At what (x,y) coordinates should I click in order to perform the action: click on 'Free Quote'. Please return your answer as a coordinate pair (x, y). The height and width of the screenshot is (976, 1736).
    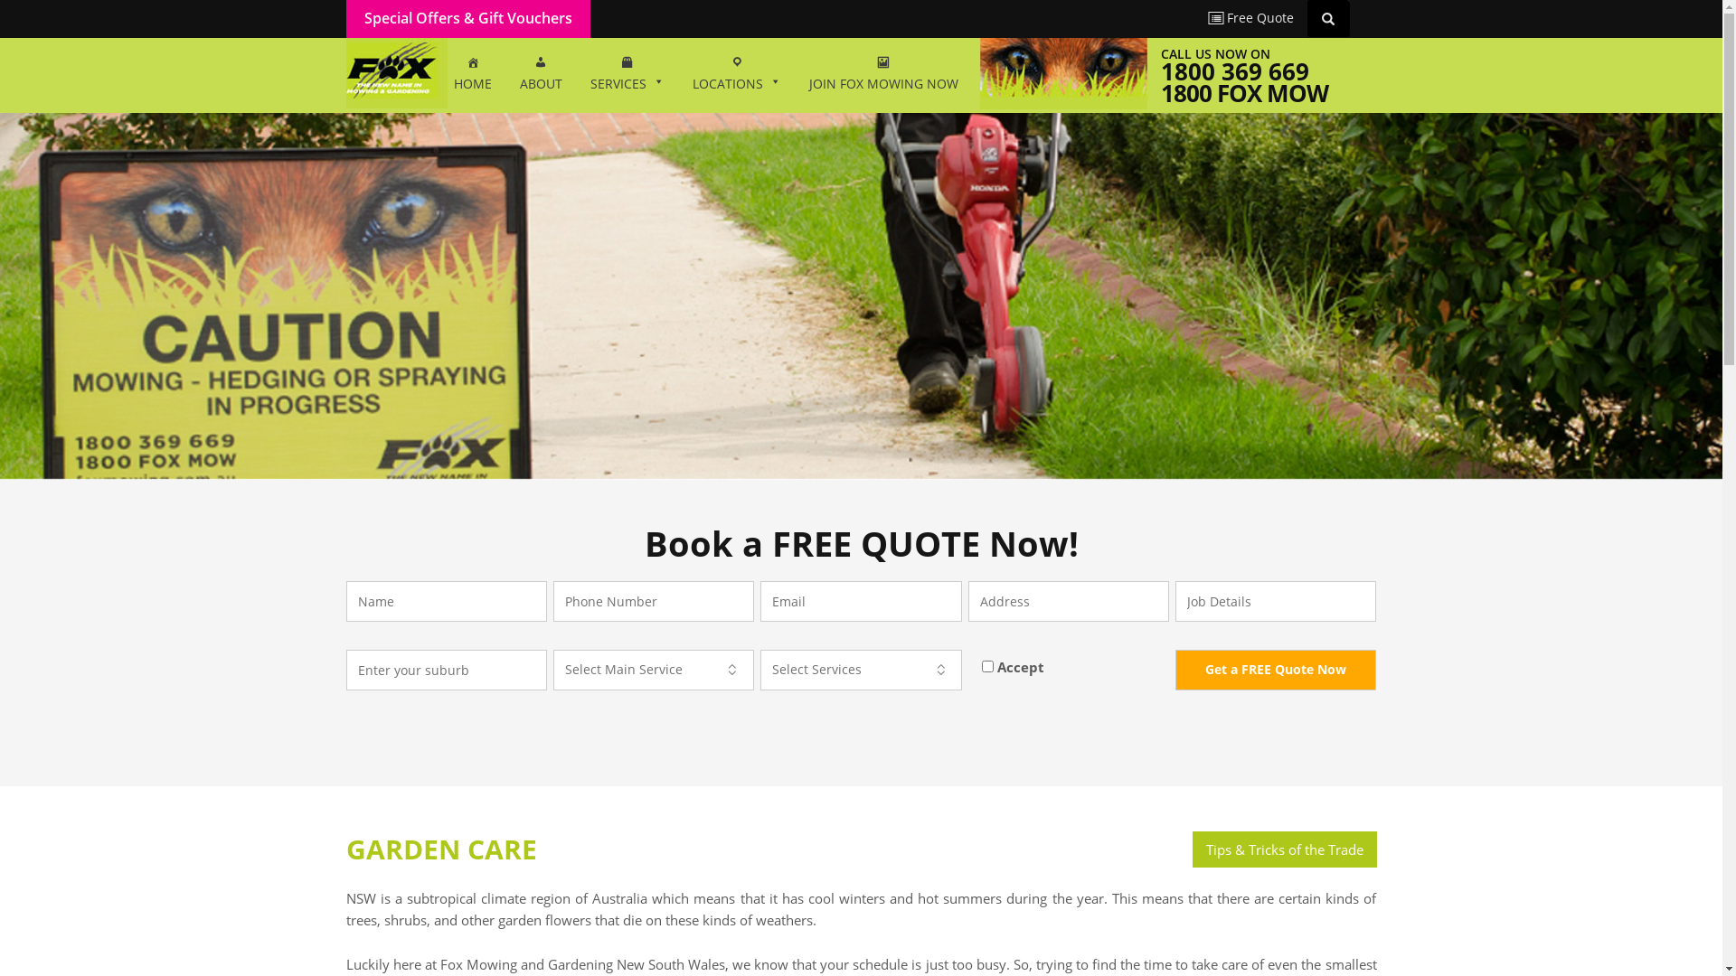
    Looking at the image, I should click on (1251, 17).